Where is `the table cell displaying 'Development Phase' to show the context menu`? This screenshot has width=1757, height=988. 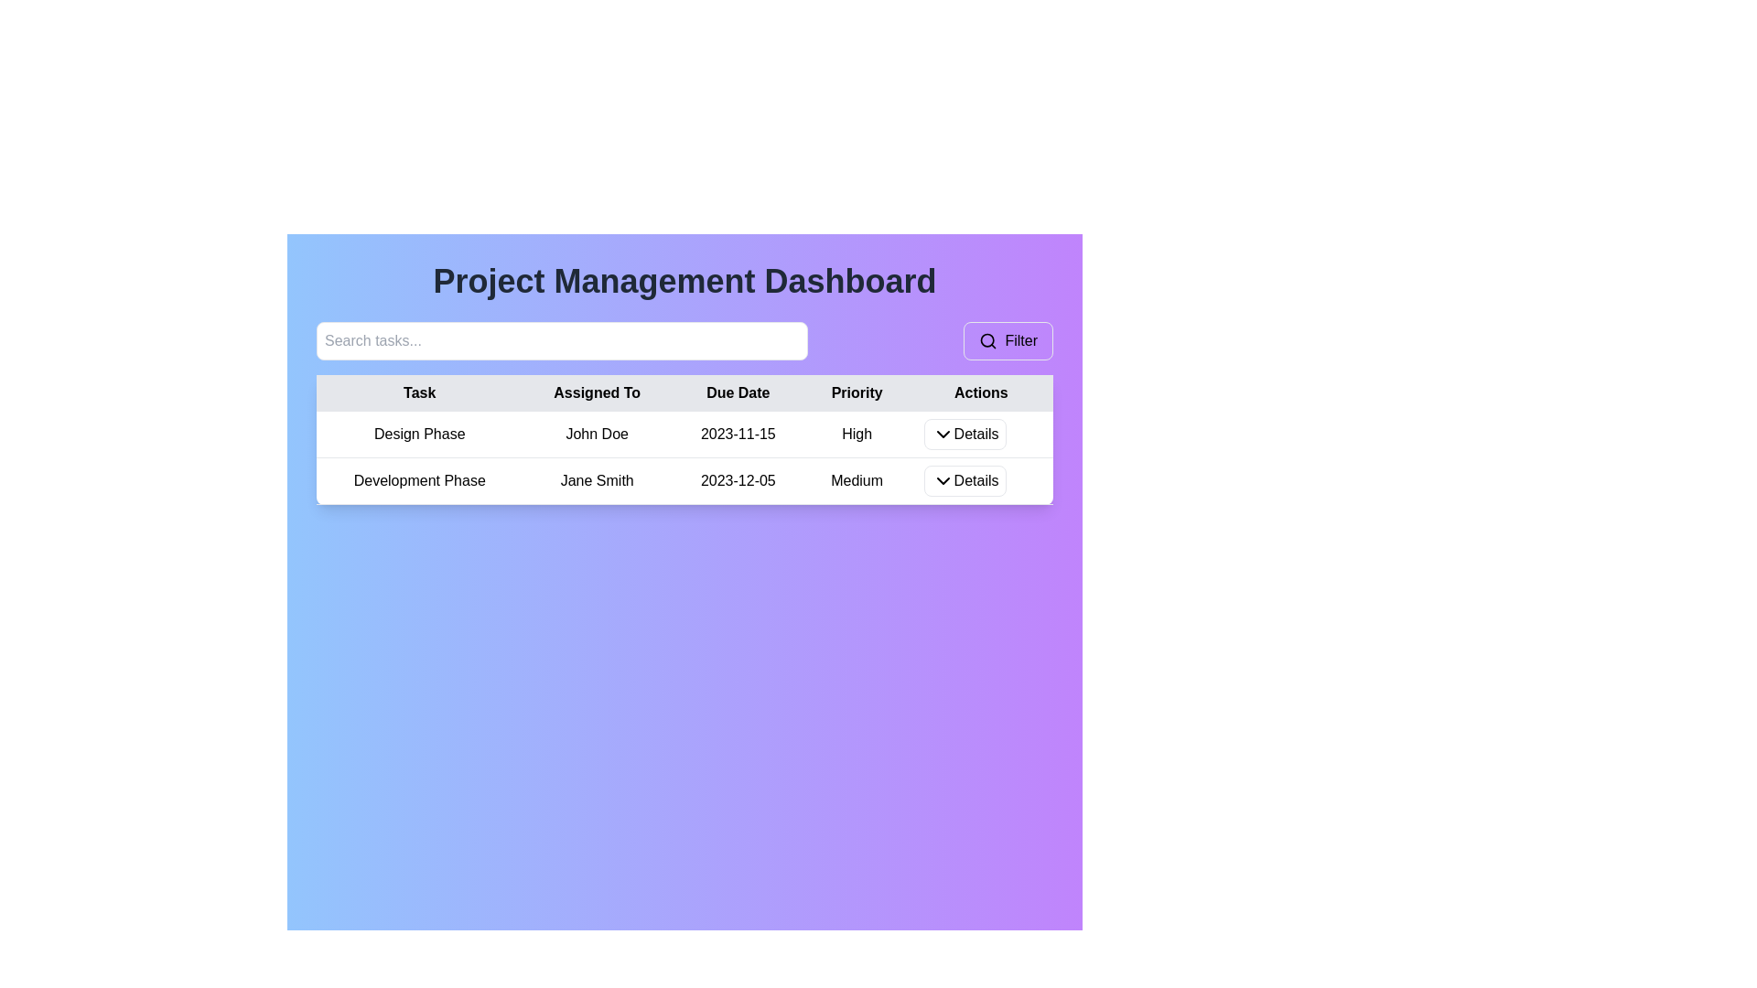
the table cell displaying 'Development Phase' to show the context menu is located at coordinates (418, 479).